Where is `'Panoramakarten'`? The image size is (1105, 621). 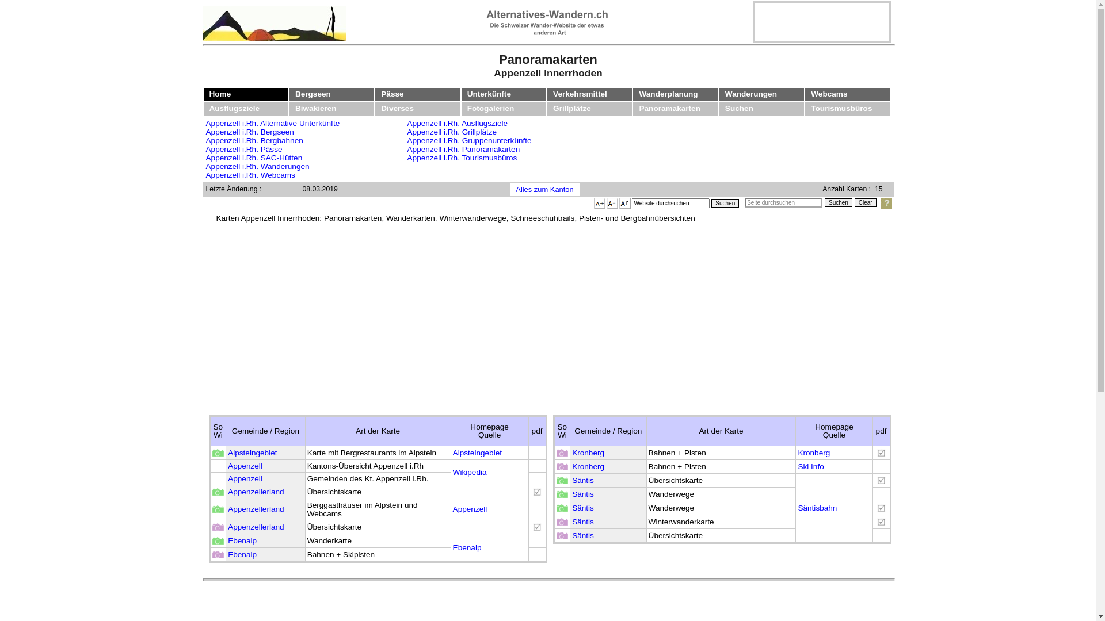 'Panoramakarten' is located at coordinates (669, 108).